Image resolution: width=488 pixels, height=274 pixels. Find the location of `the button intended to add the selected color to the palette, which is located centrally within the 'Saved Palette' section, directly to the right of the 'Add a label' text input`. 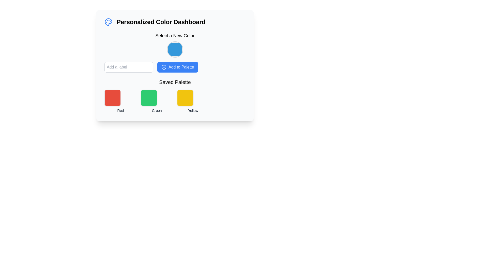

the button intended to add the selected color to the palette, which is located centrally within the 'Saved Palette' section, directly to the right of the 'Add a label' text input is located at coordinates (175, 65).